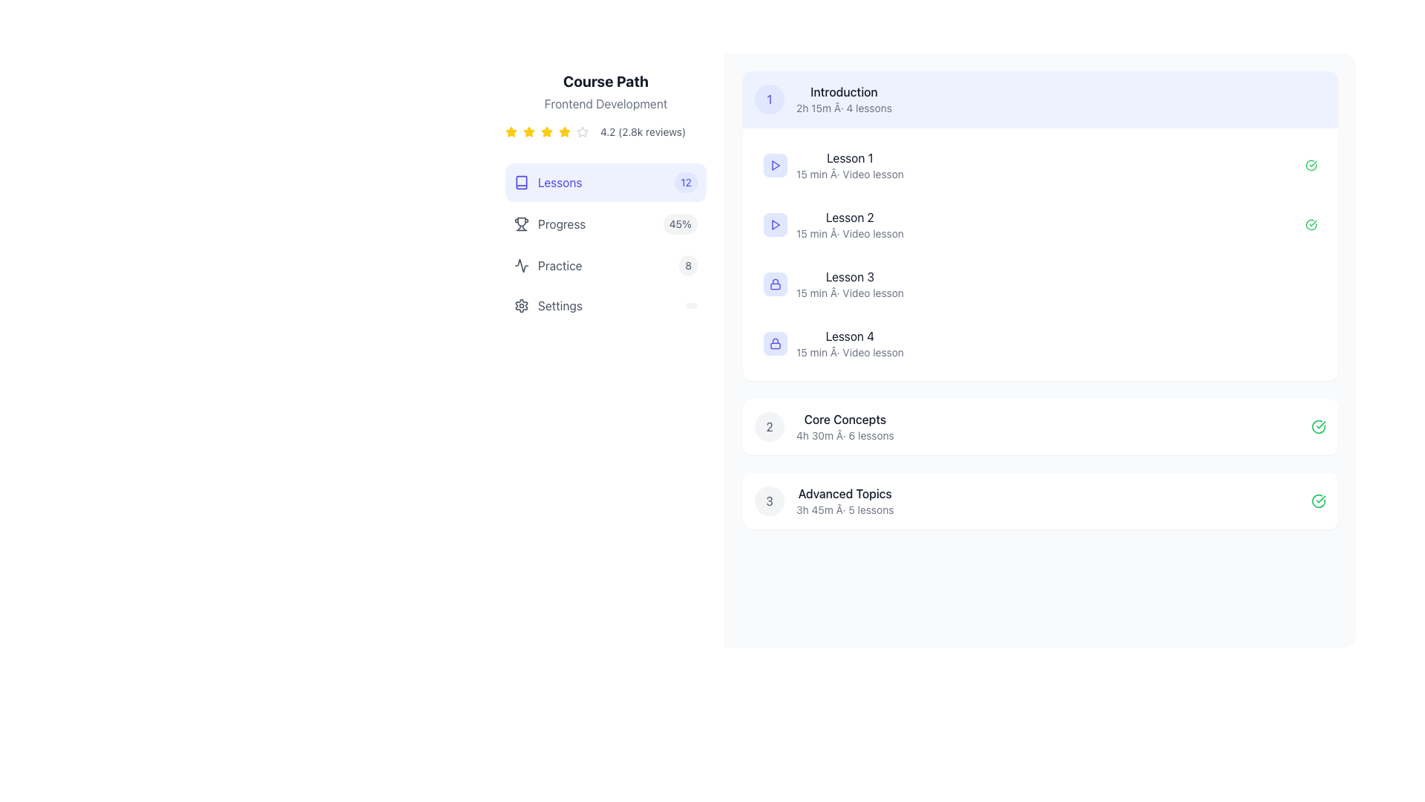 The image size is (1425, 802). Describe the element at coordinates (521, 305) in the screenshot. I see `the gear icon located to the left of the 'Settings' text` at that location.